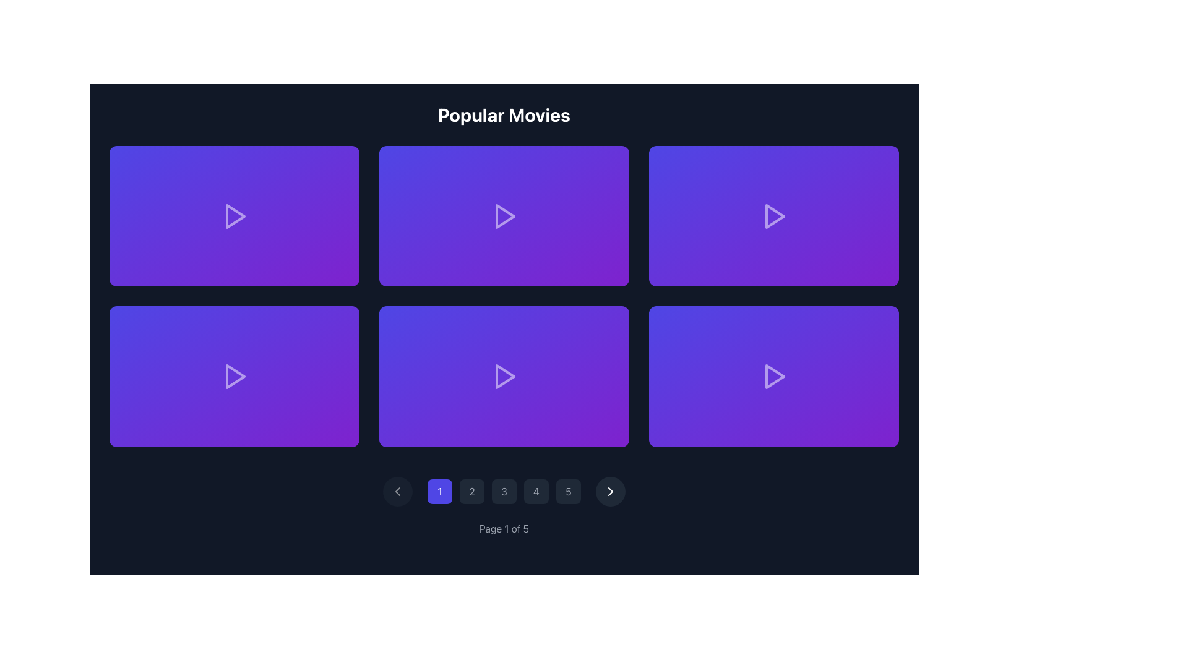 This screenshot has height=668, width=1188. Describe the element at coordinates (773, 375) in the screenshot. I see `the clickable card with a play icon, located in the lower right corner of the 'Popular Movies' section, to play the video` at that location.